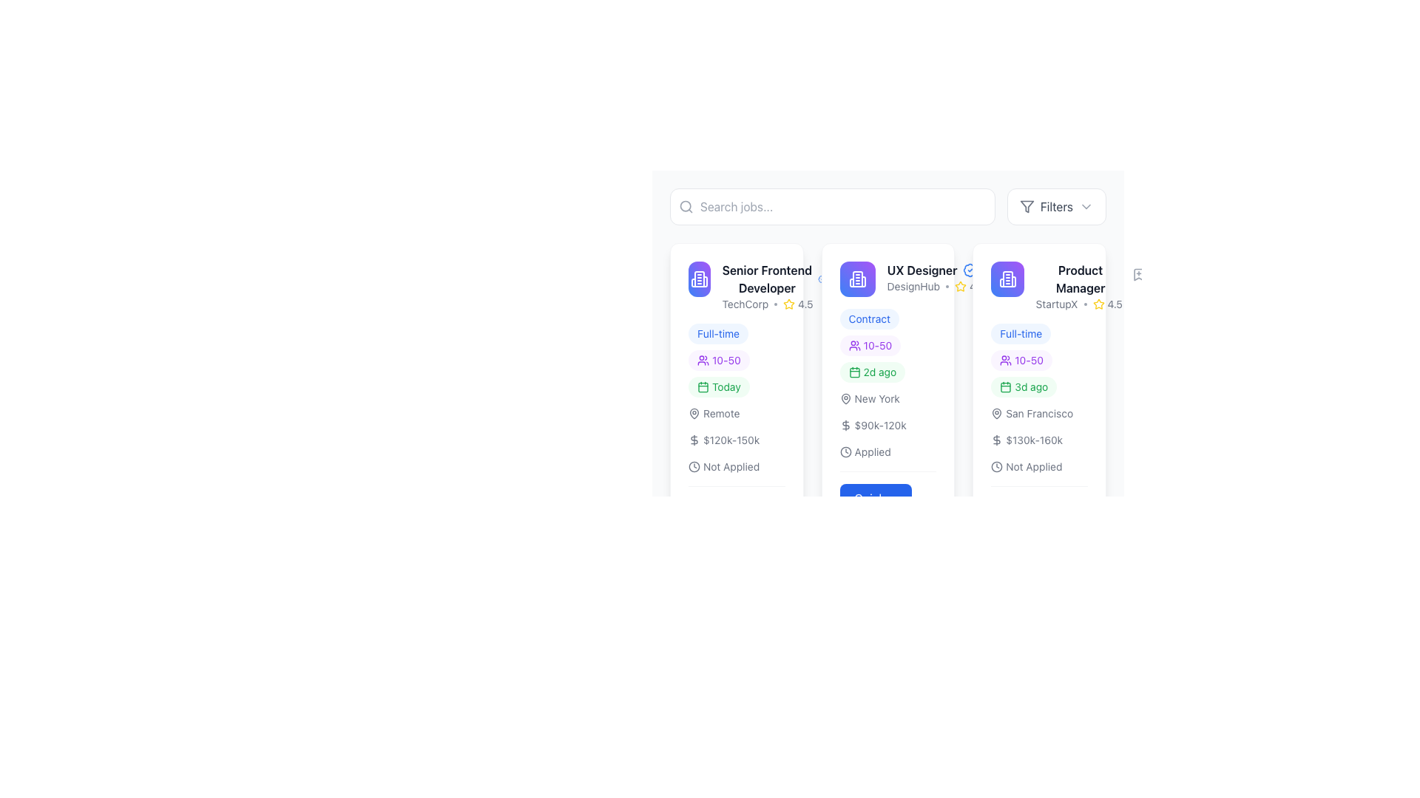 Image resolution: width=1420 pixels, height=798 pixels. What do you see at coordinates (1098, 304) in the screenshot?
I see `star icon element indicating a rating value of '4.5', which is a yellow outlined star positioned adjacent to the numeric rating in the job card for the 'Product Manager' role` at bounding box center [1098, 304].